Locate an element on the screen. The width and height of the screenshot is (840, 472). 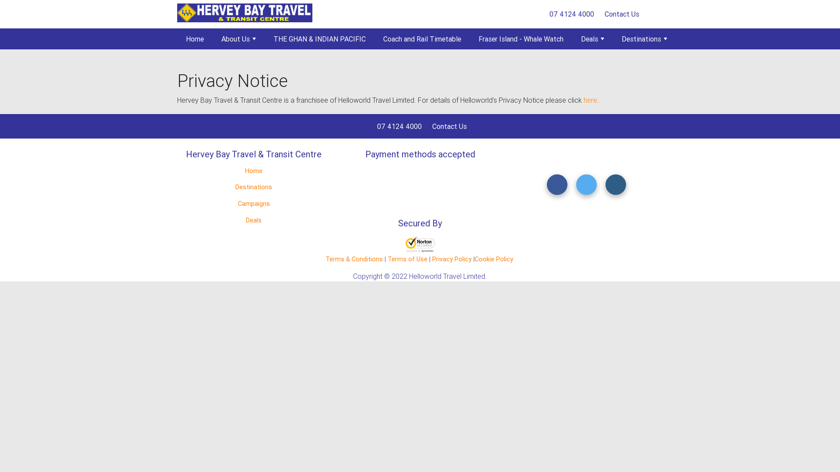
'Contact Us' is located at coordinates (448, 126).